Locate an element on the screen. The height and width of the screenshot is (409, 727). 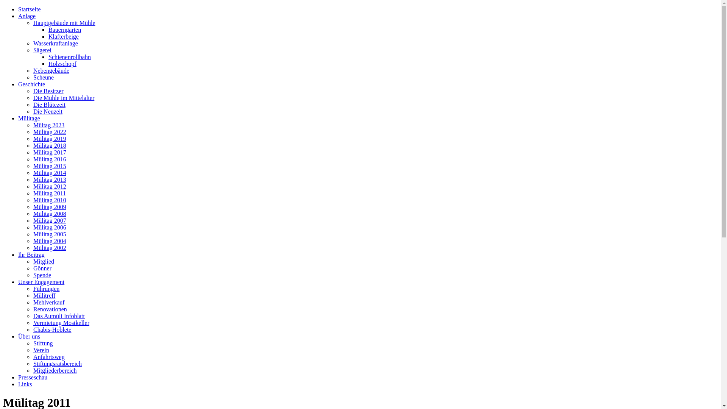
'Anfahrtsweg' is located at coordinates (33, 357).